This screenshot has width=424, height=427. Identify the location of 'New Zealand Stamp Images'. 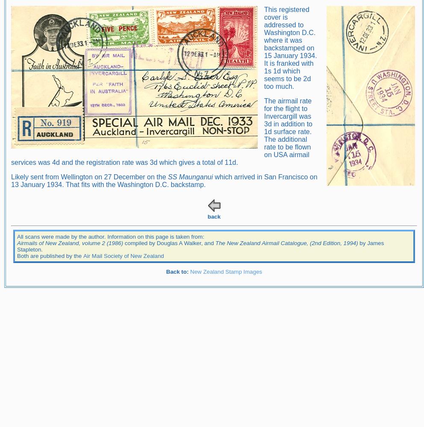
(226, 272).